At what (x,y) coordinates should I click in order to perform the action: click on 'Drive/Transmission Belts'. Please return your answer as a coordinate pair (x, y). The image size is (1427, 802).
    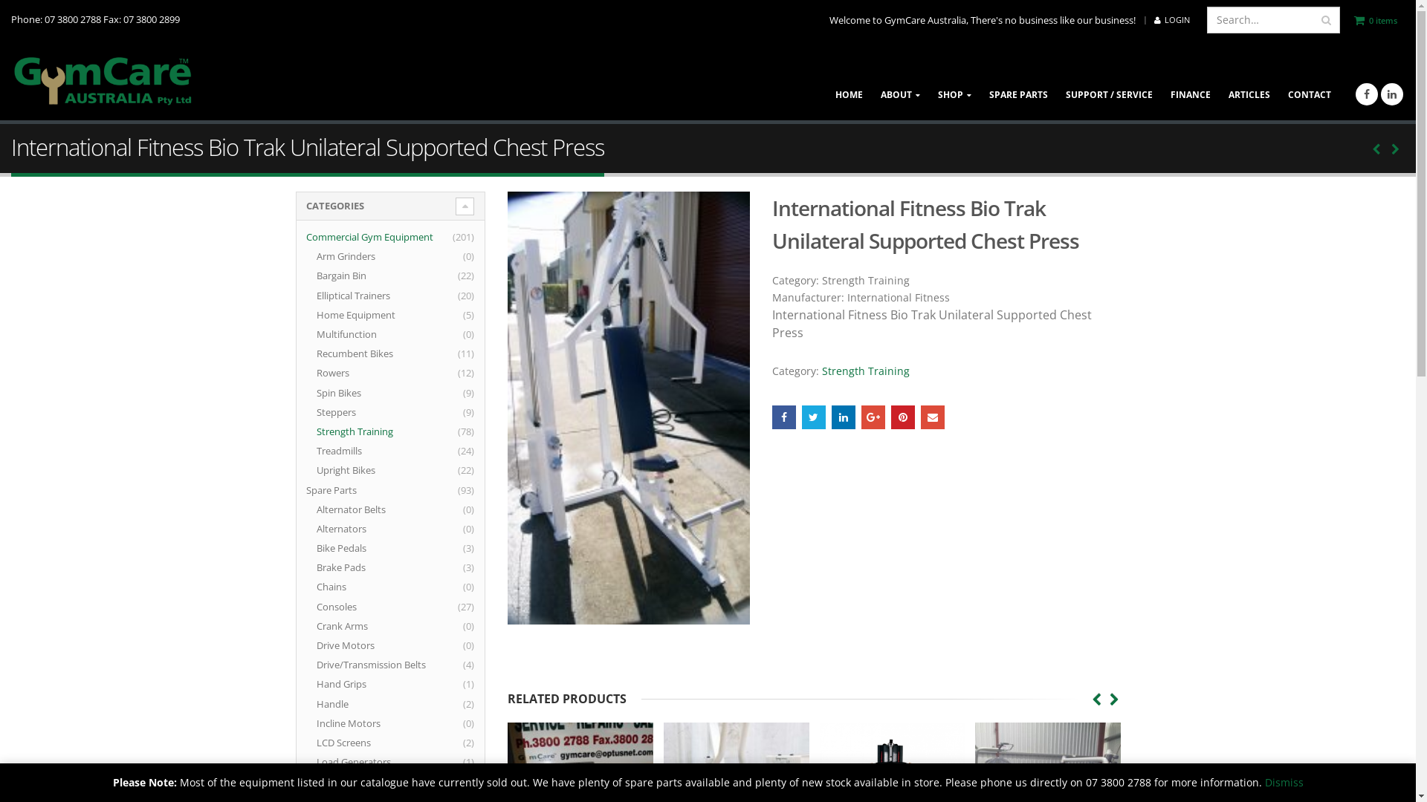
    Looking at the image, I should click on (381, 663).